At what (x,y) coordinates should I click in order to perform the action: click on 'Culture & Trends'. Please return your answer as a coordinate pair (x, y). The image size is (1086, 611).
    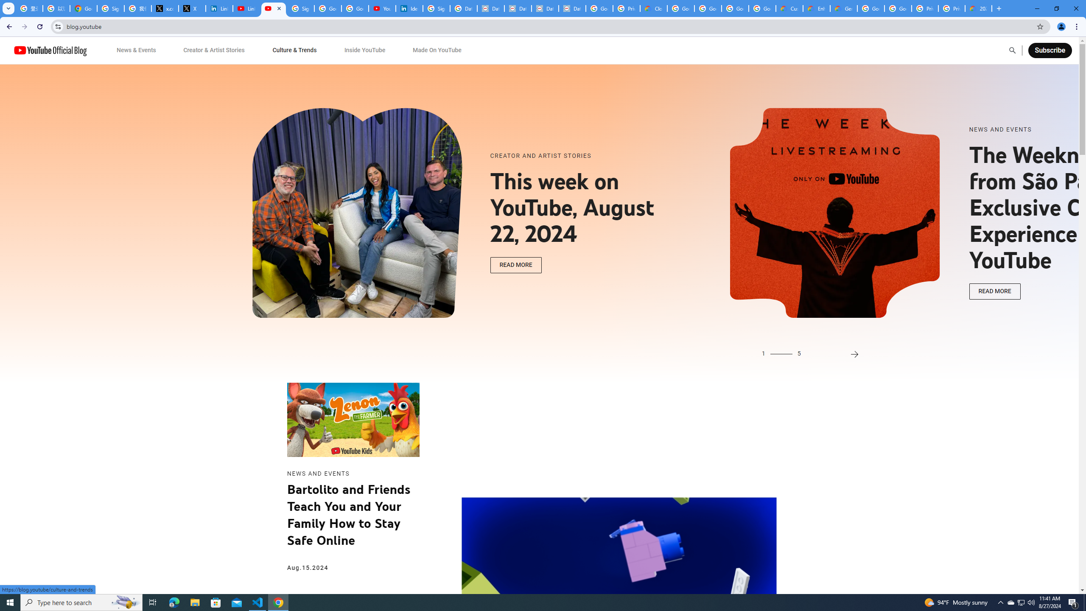
    Looking at the image, I should click on (294, 50).